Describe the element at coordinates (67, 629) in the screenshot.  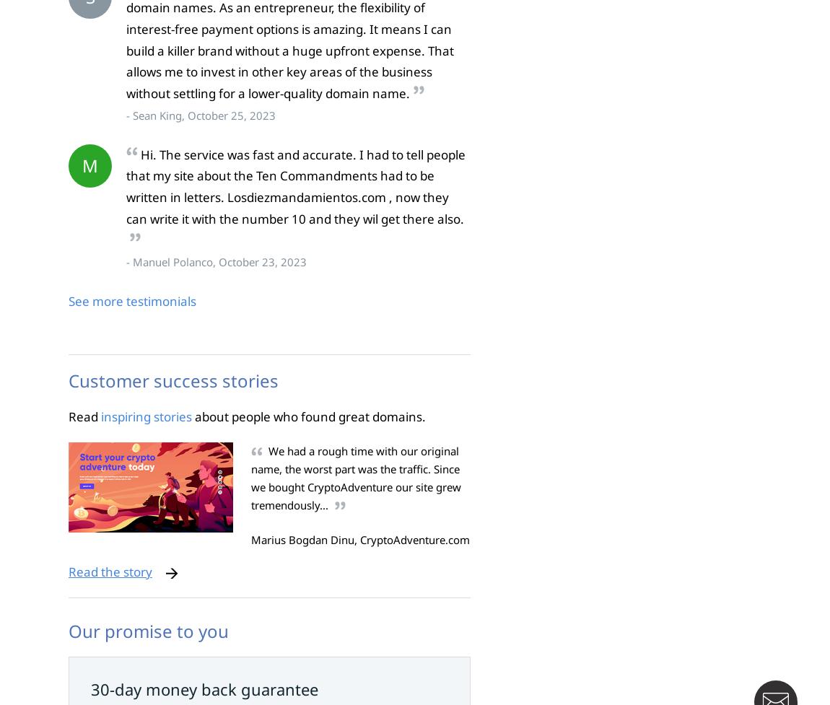
I see `'Our promise to you'` at that location.